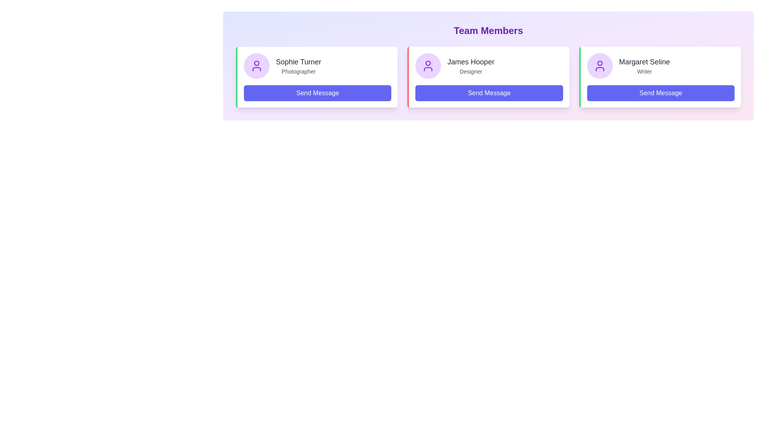 This screenshot has height=432, width=769. Describe the element at coordinates (428, 66) in the screenshot. I see `the Illustrative Icon representing James Hooper, which is located in the upper-middle section of the profile card labeled 'James Hooper - Designer'` at that location.